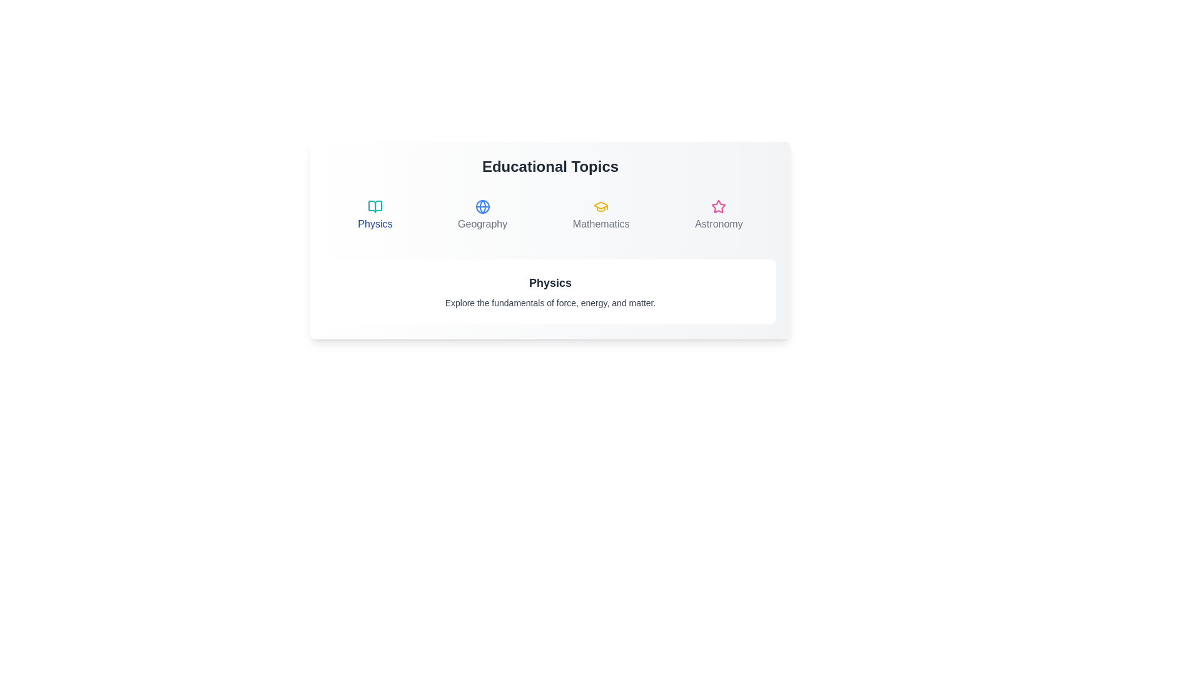 Image resolution: width=1201 pixels, height=675 pixels. I want to click on the Mathematics tab to observe visual feedback, so click(601, 214).